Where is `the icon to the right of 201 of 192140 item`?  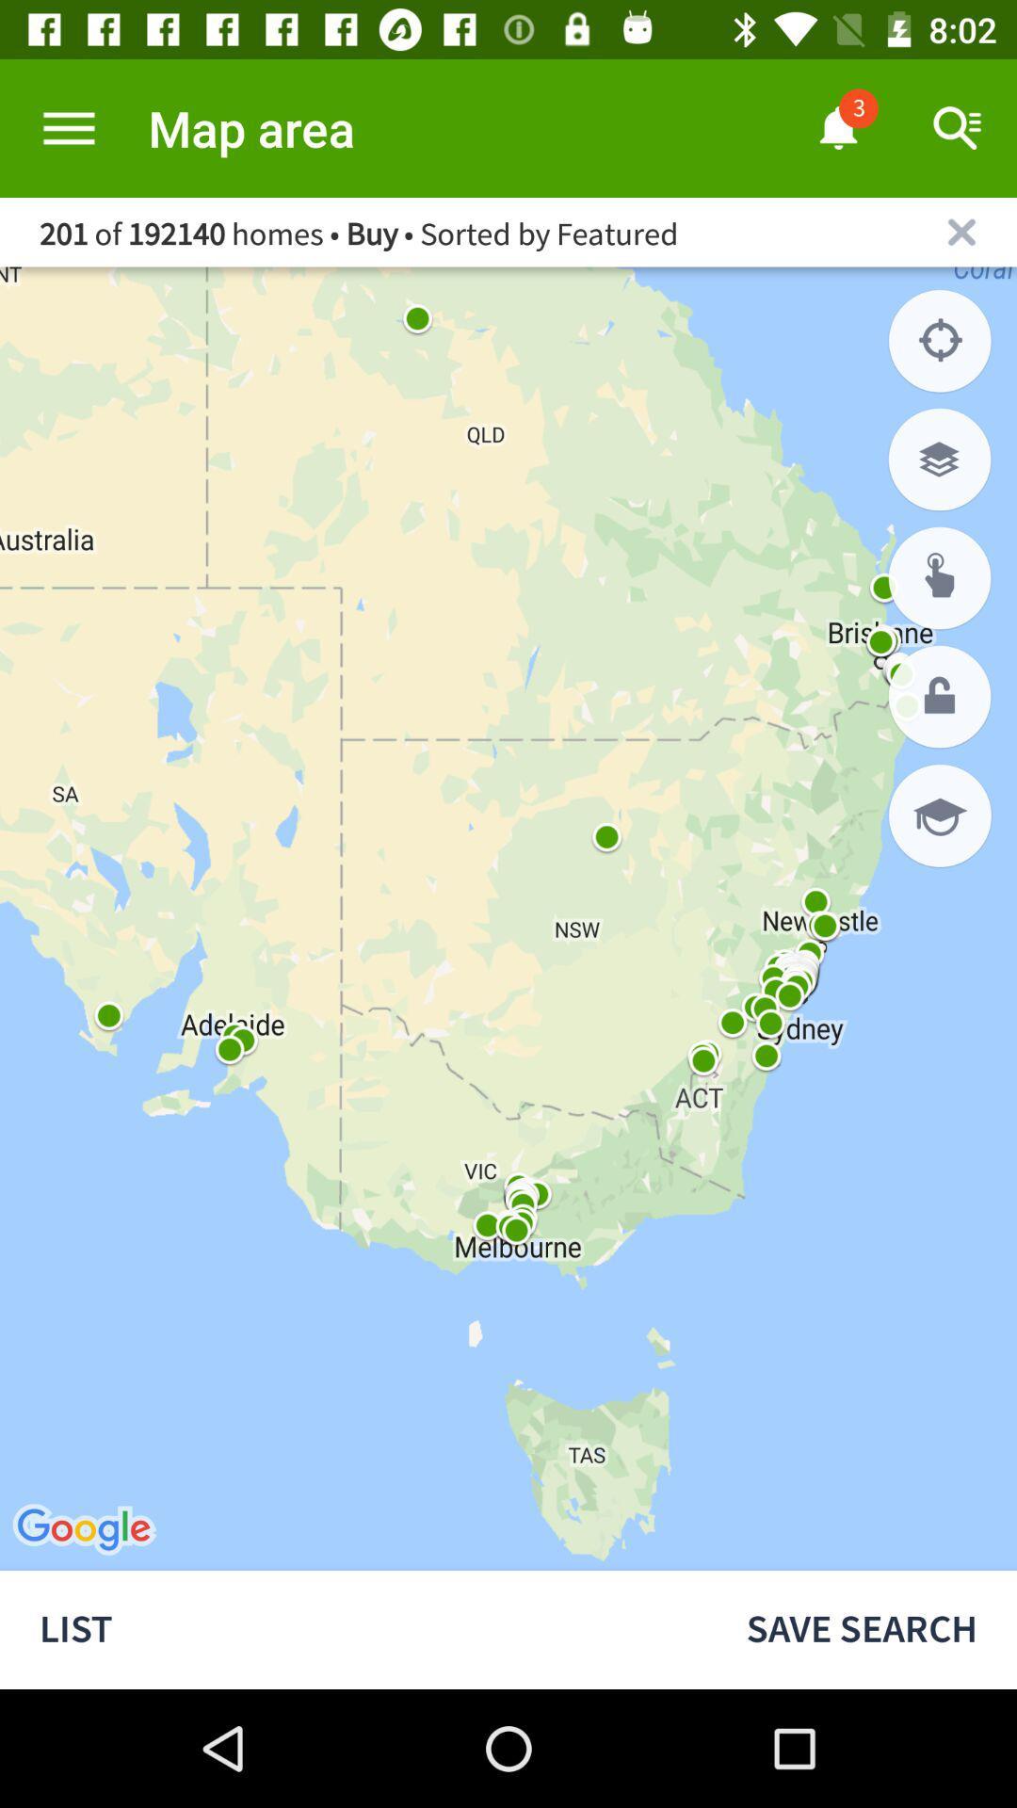 the icon to the right of 201 of 192140 item is located at coordinates (961, 231).